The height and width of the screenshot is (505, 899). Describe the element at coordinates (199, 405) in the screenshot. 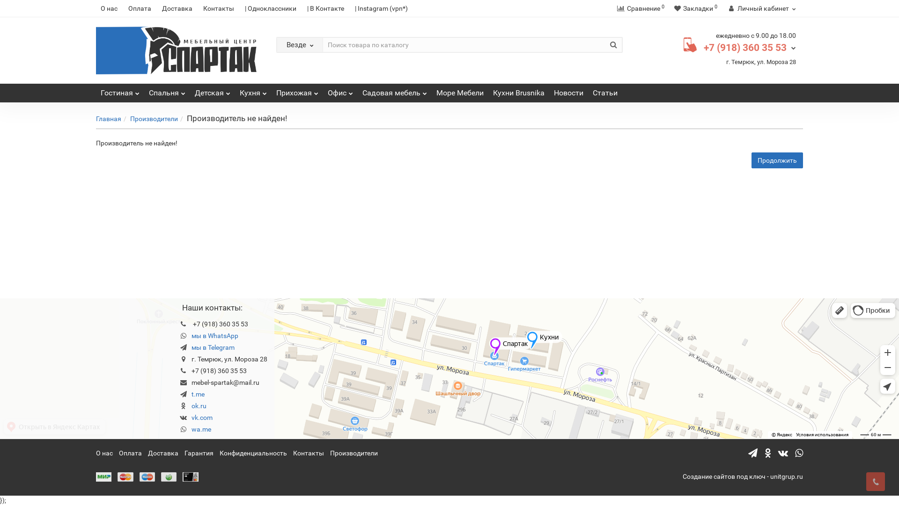

I see `'ok.ru'` at that location.